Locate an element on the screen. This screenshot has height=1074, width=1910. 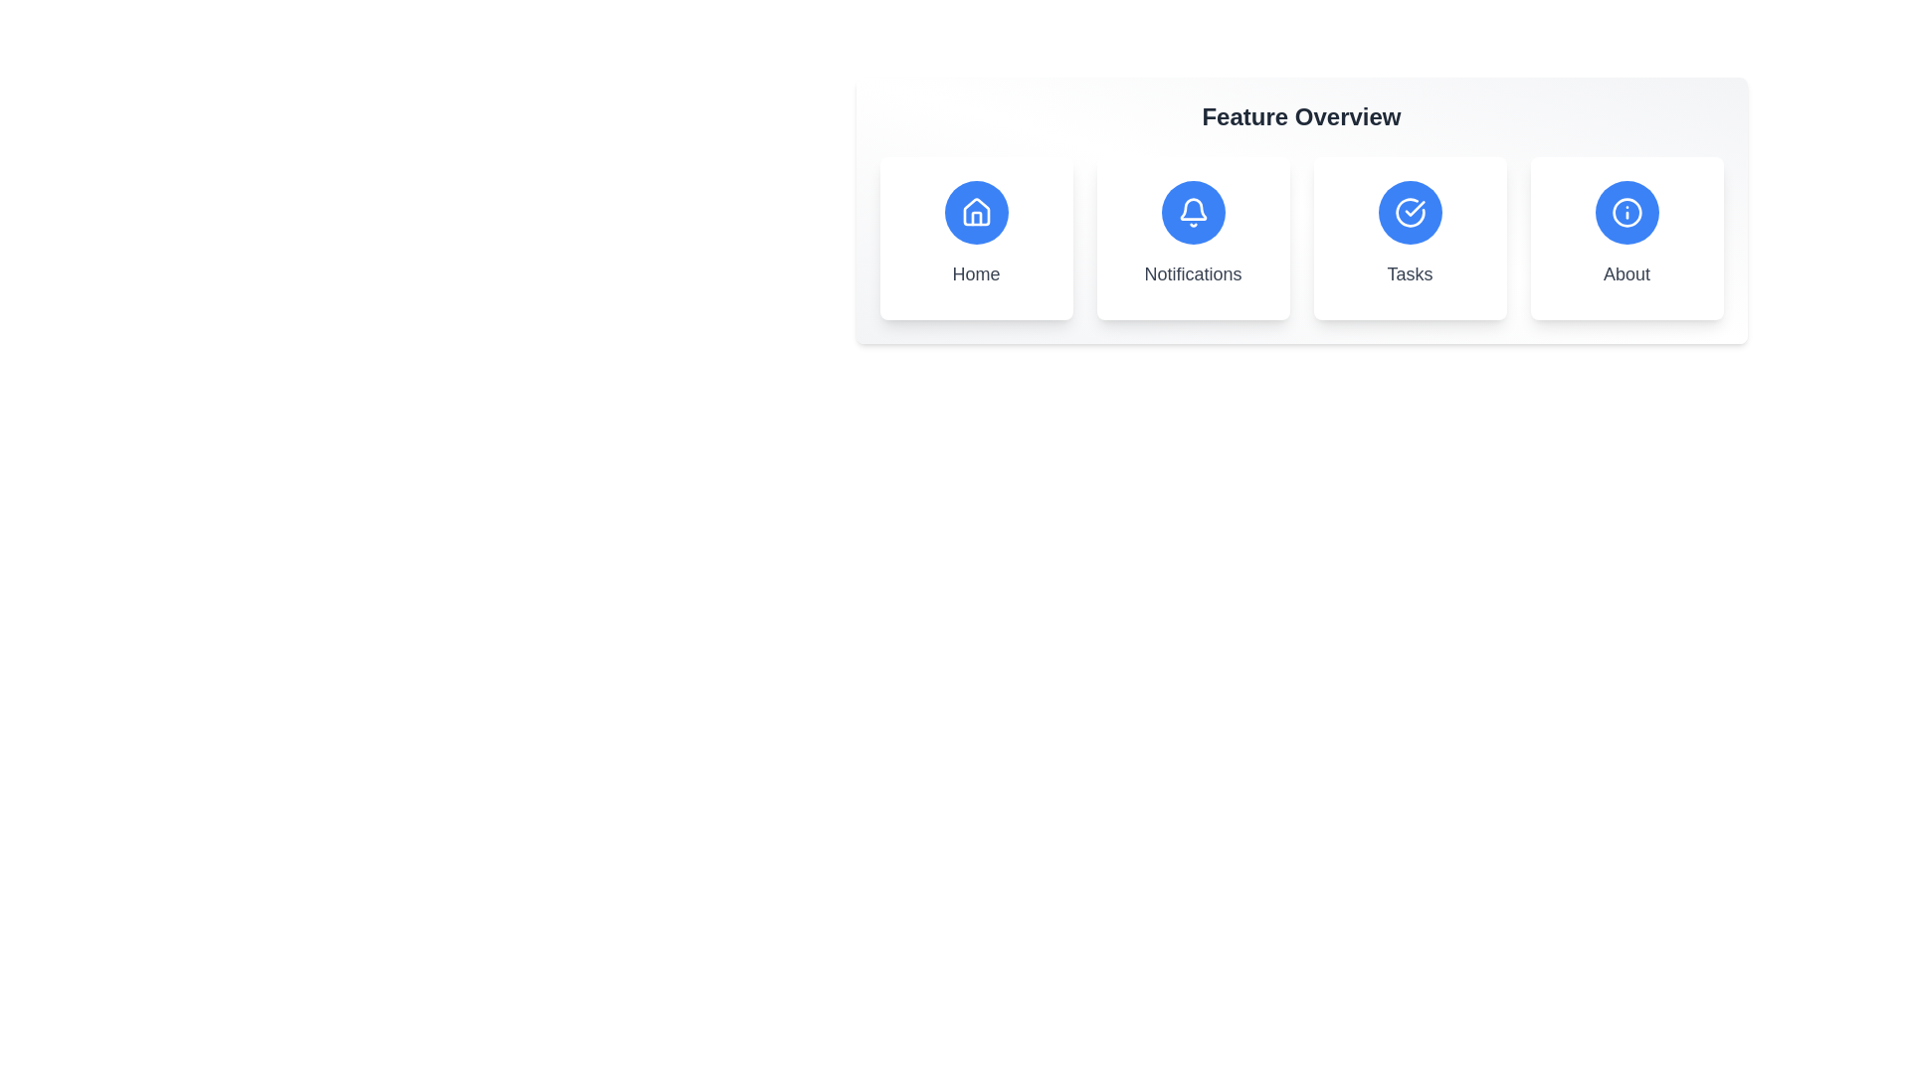
the circular icon with a blue outline and a smaller blue centerpiece located within the 'About' card in the grid of feature icons is located at coordinates (1626, 212).